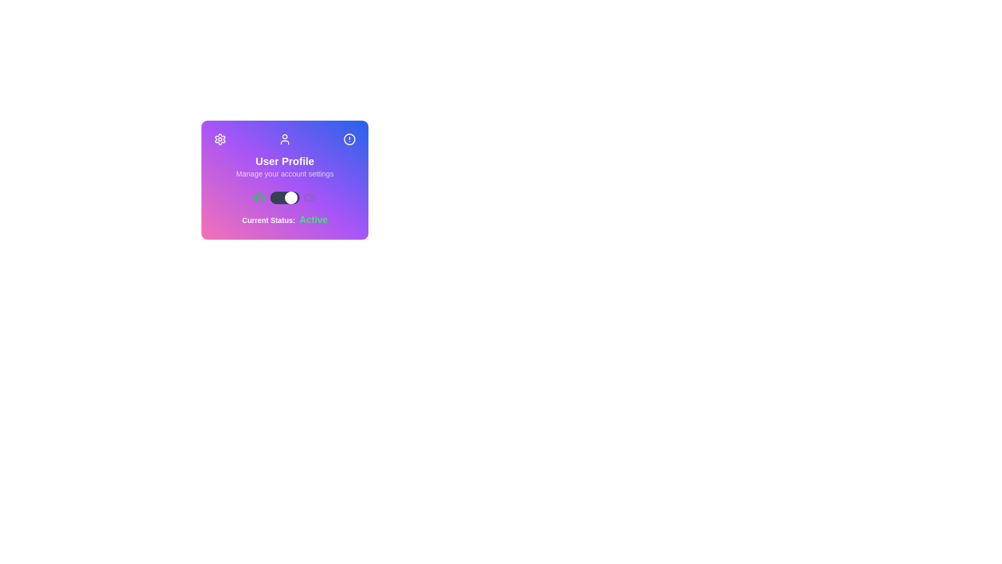 The height and width of the screenshot is (564, 1002). What do you see at coordinates (260, 197) in the screenshot?
I see `the first toggle button located under the 'User Profile' title, next to the 'Current Status: Active' label` at bounding box center [260, 197].